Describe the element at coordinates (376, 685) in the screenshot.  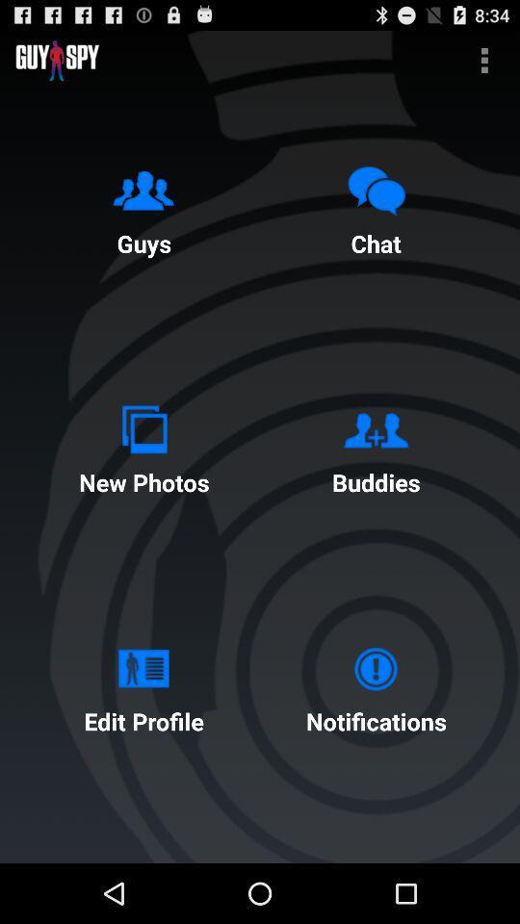
I see `the item to the right of edit profile item` at that location.